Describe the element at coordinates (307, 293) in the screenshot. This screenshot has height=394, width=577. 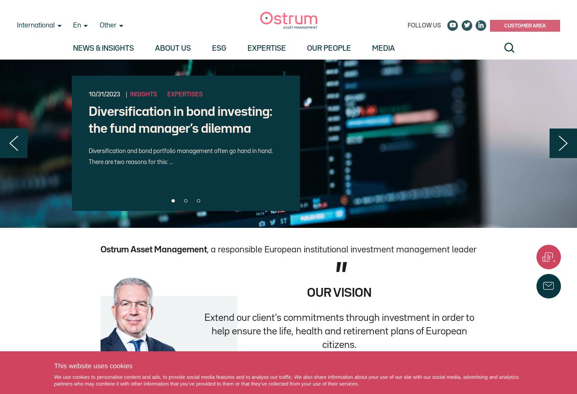
I see `'OUR VISION'` at that location.